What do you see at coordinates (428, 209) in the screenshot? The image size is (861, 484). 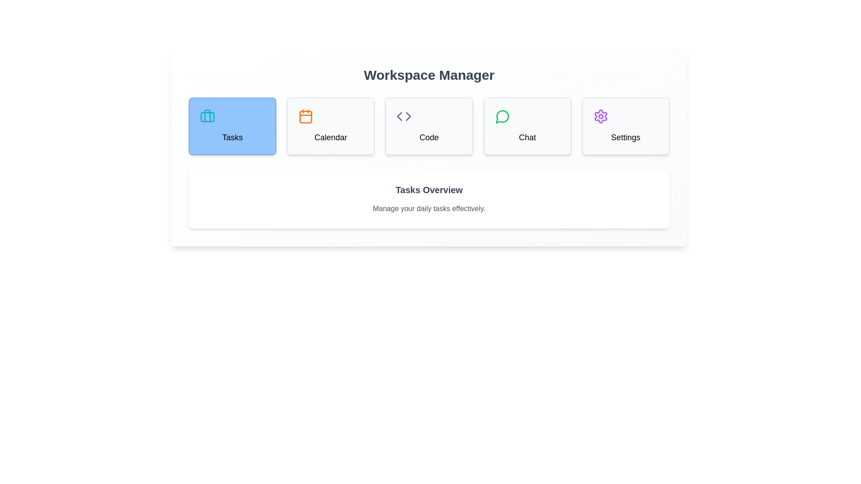 I see `the text element that reads 'Manage your daily tasks effectively,' which is styled in gray and located within a card below the 'Tasks Overview' header` at bounding box center [428, 209].